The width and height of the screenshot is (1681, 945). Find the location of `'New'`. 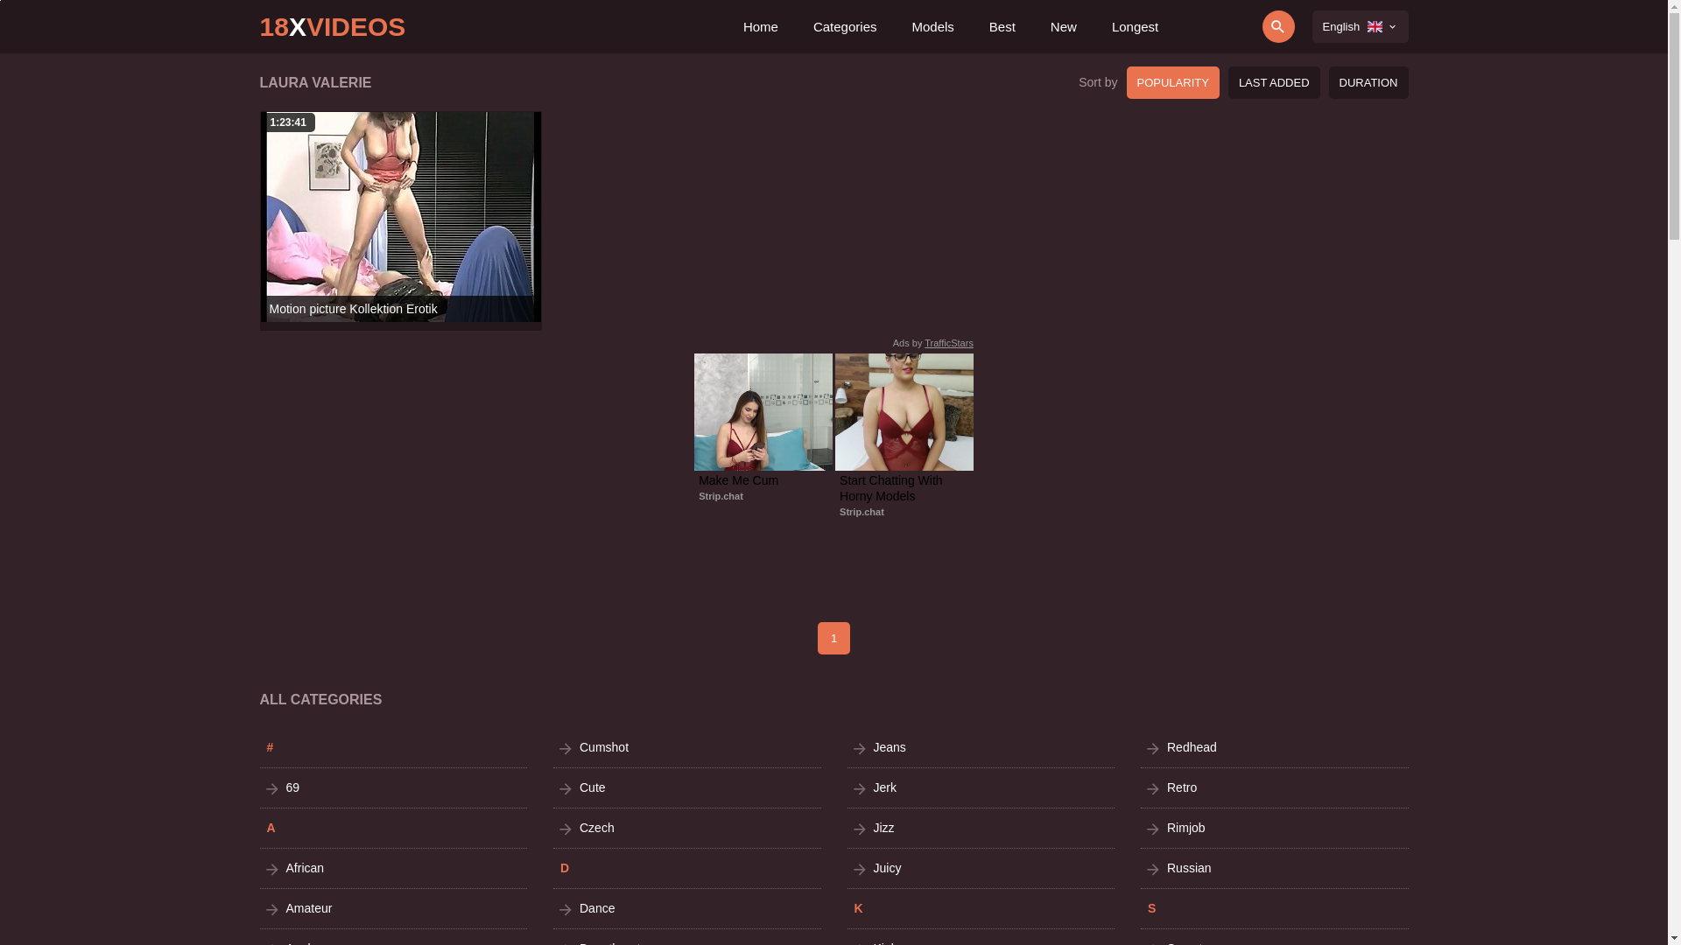

'New' is located at coordinates (1062, 26).